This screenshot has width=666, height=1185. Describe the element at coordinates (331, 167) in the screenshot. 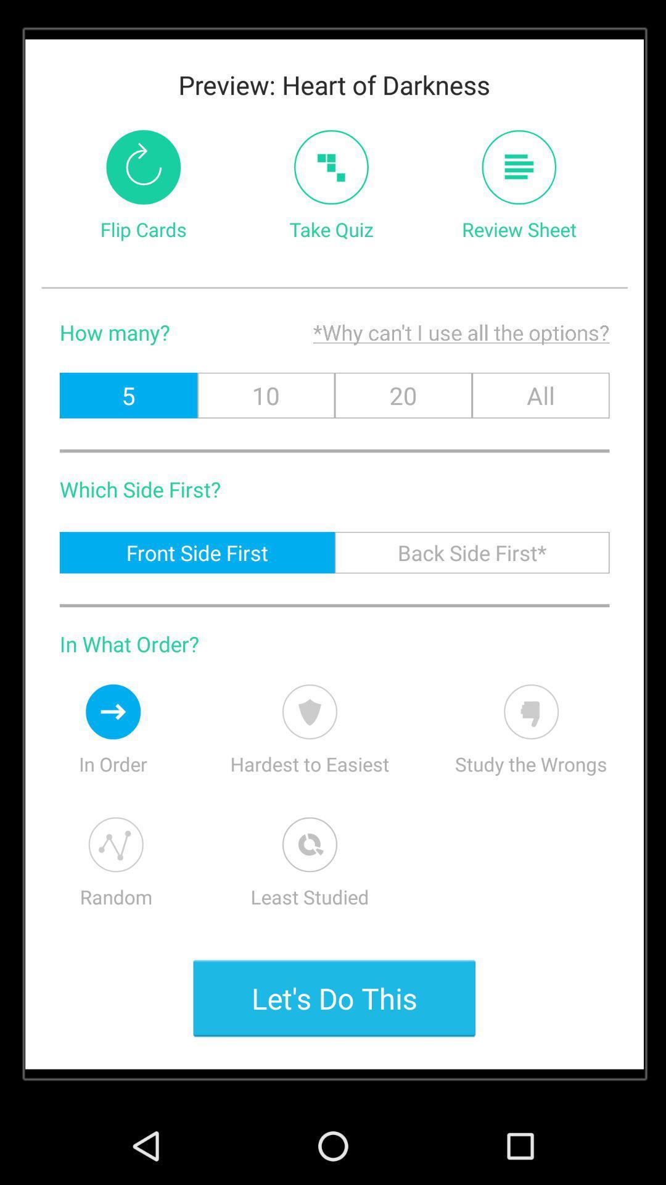

I see `icon next to the flip cards icon` at that location.